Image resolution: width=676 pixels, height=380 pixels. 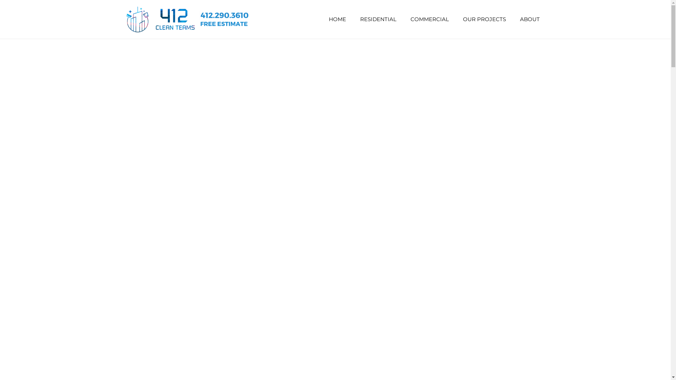 I want to click on 'COMMERCIAL', so click(x=429, y=19).